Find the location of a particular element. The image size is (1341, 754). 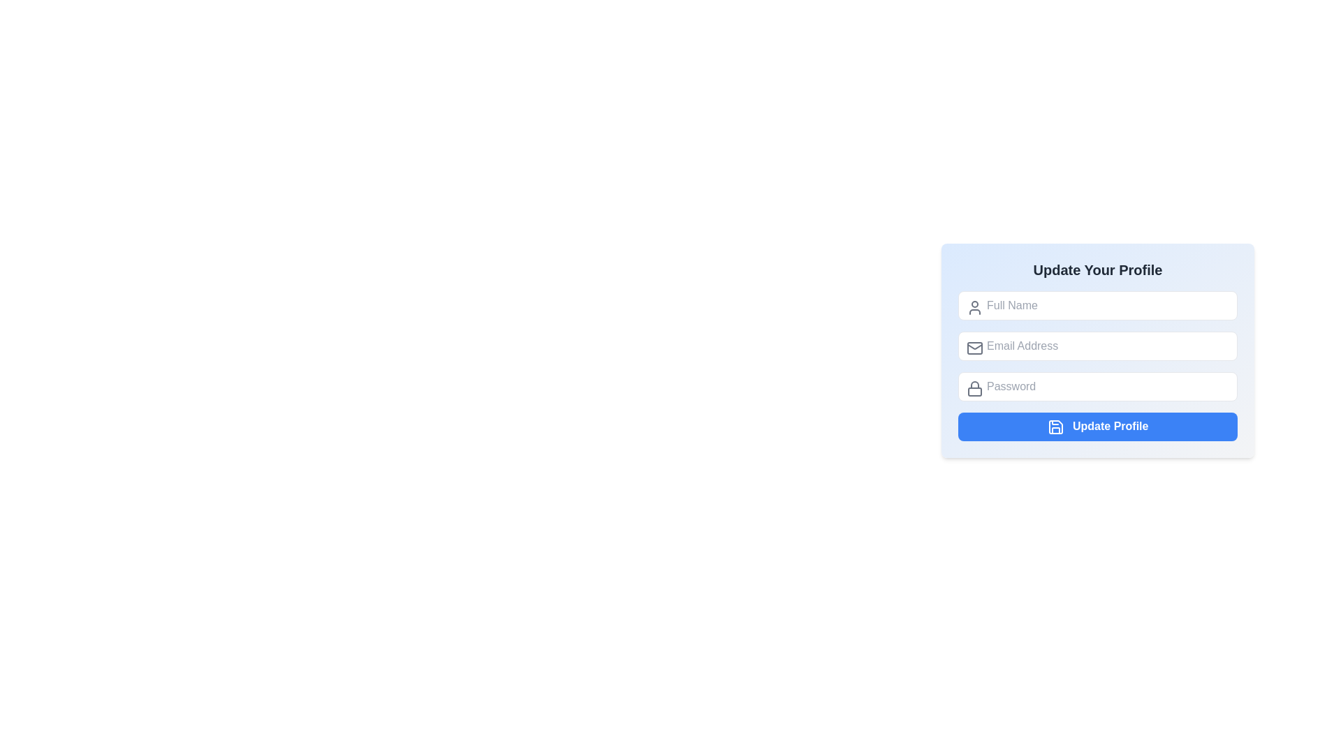

the curved top part of the lock icon graphic, which represents security or password-related functionality, located adjacent to the password input field is located at coordinates (974, 385).